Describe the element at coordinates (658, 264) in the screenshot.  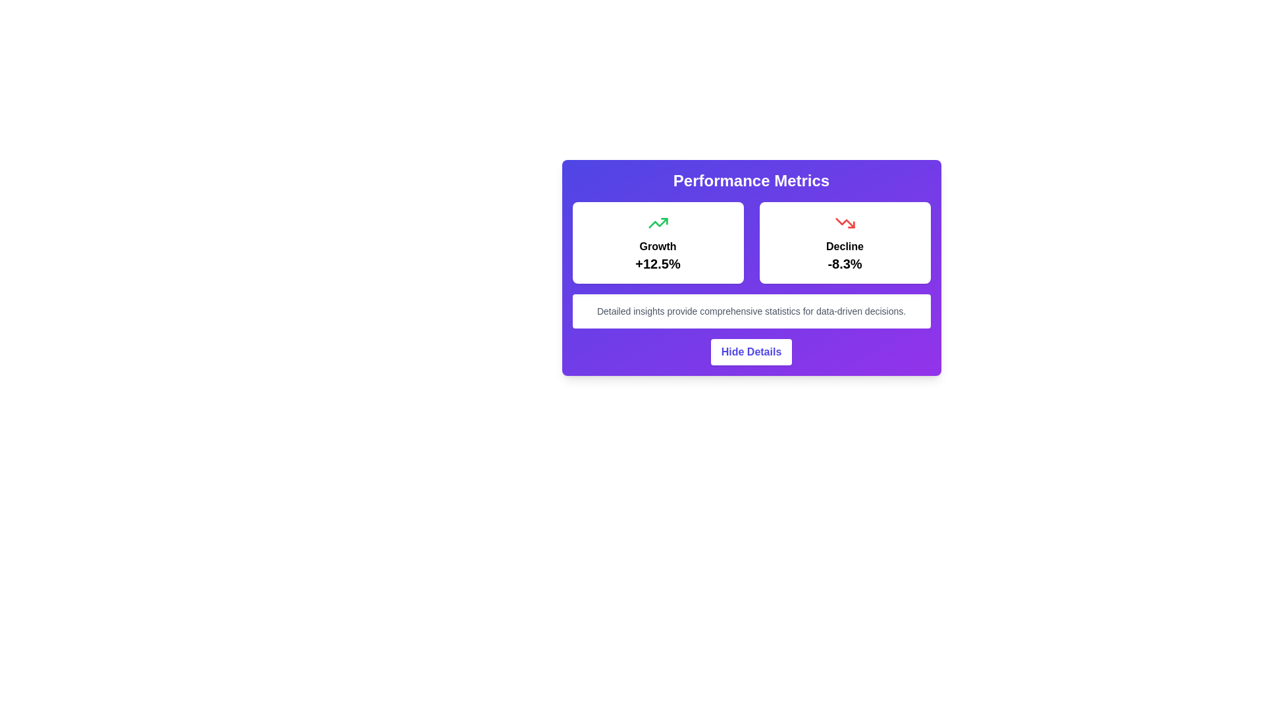
I see `the text label displaying '+12.5%' which is styled for emphasis and positioned below the 'Growth' label in the growth indicator card` at that location.